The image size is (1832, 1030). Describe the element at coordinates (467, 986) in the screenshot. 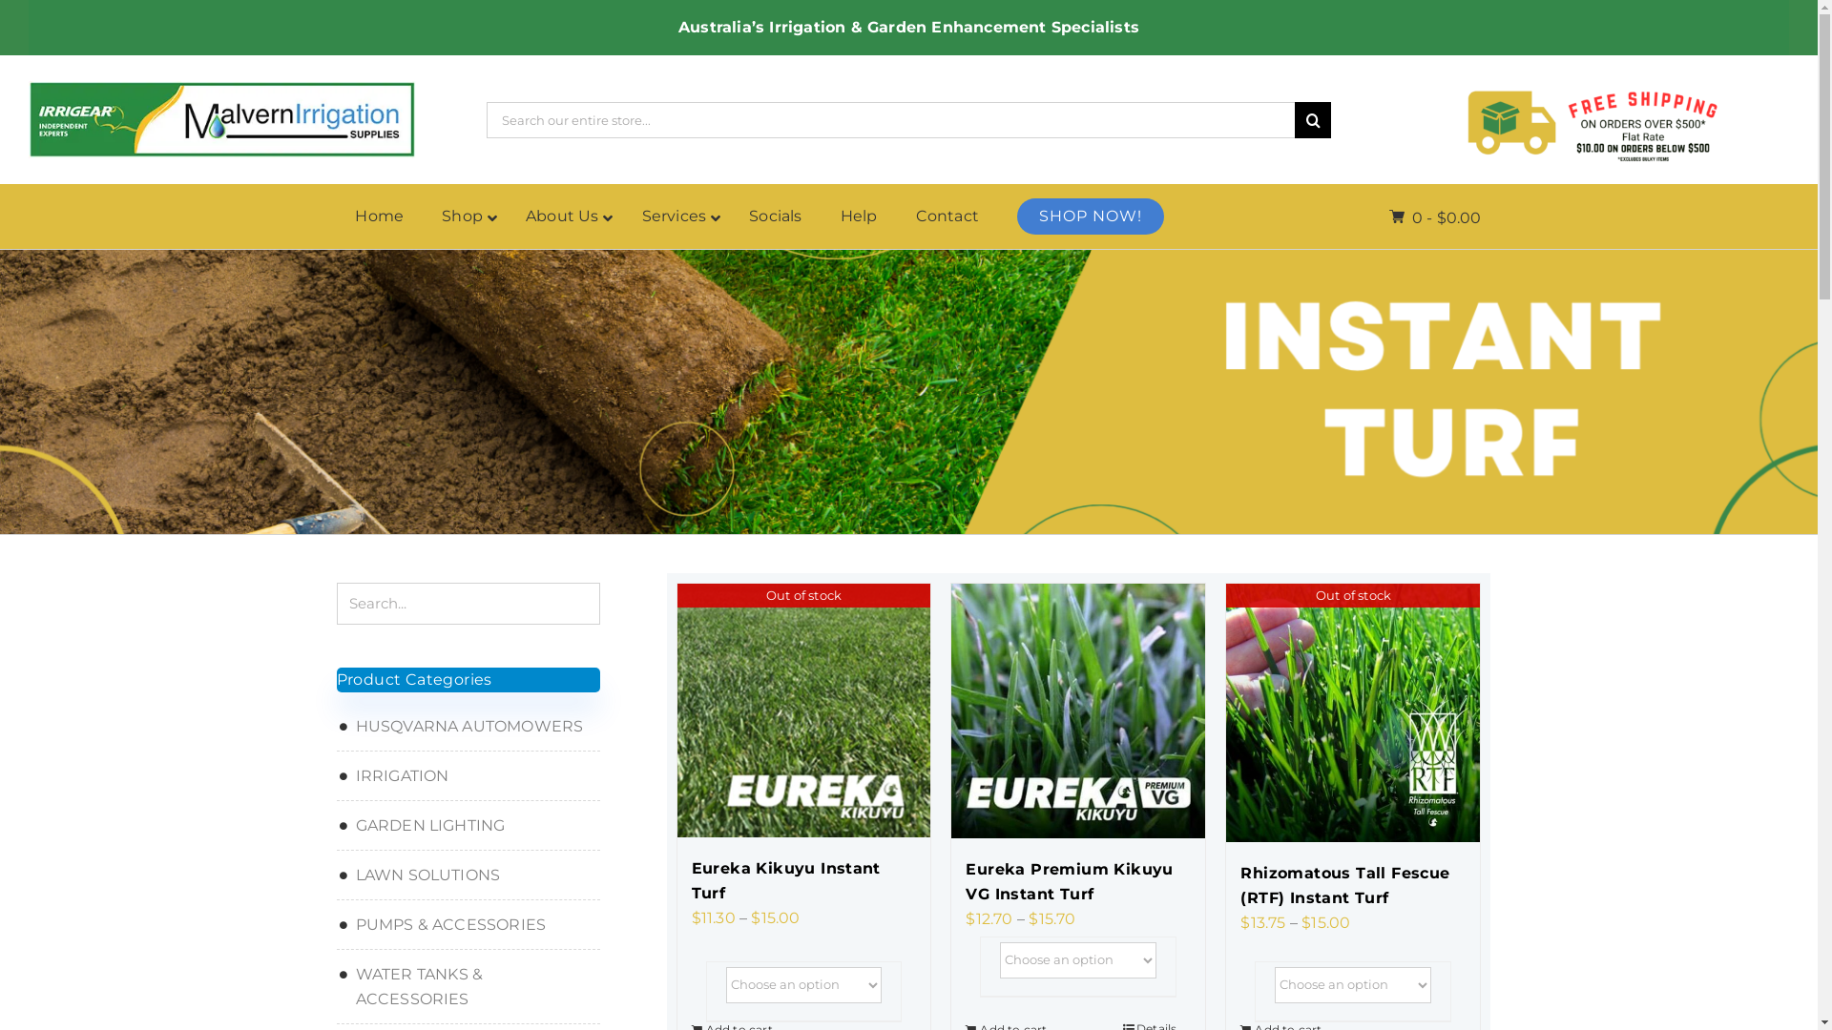

I see `'WATER TANKS & ACCESSORIES'` at that location.